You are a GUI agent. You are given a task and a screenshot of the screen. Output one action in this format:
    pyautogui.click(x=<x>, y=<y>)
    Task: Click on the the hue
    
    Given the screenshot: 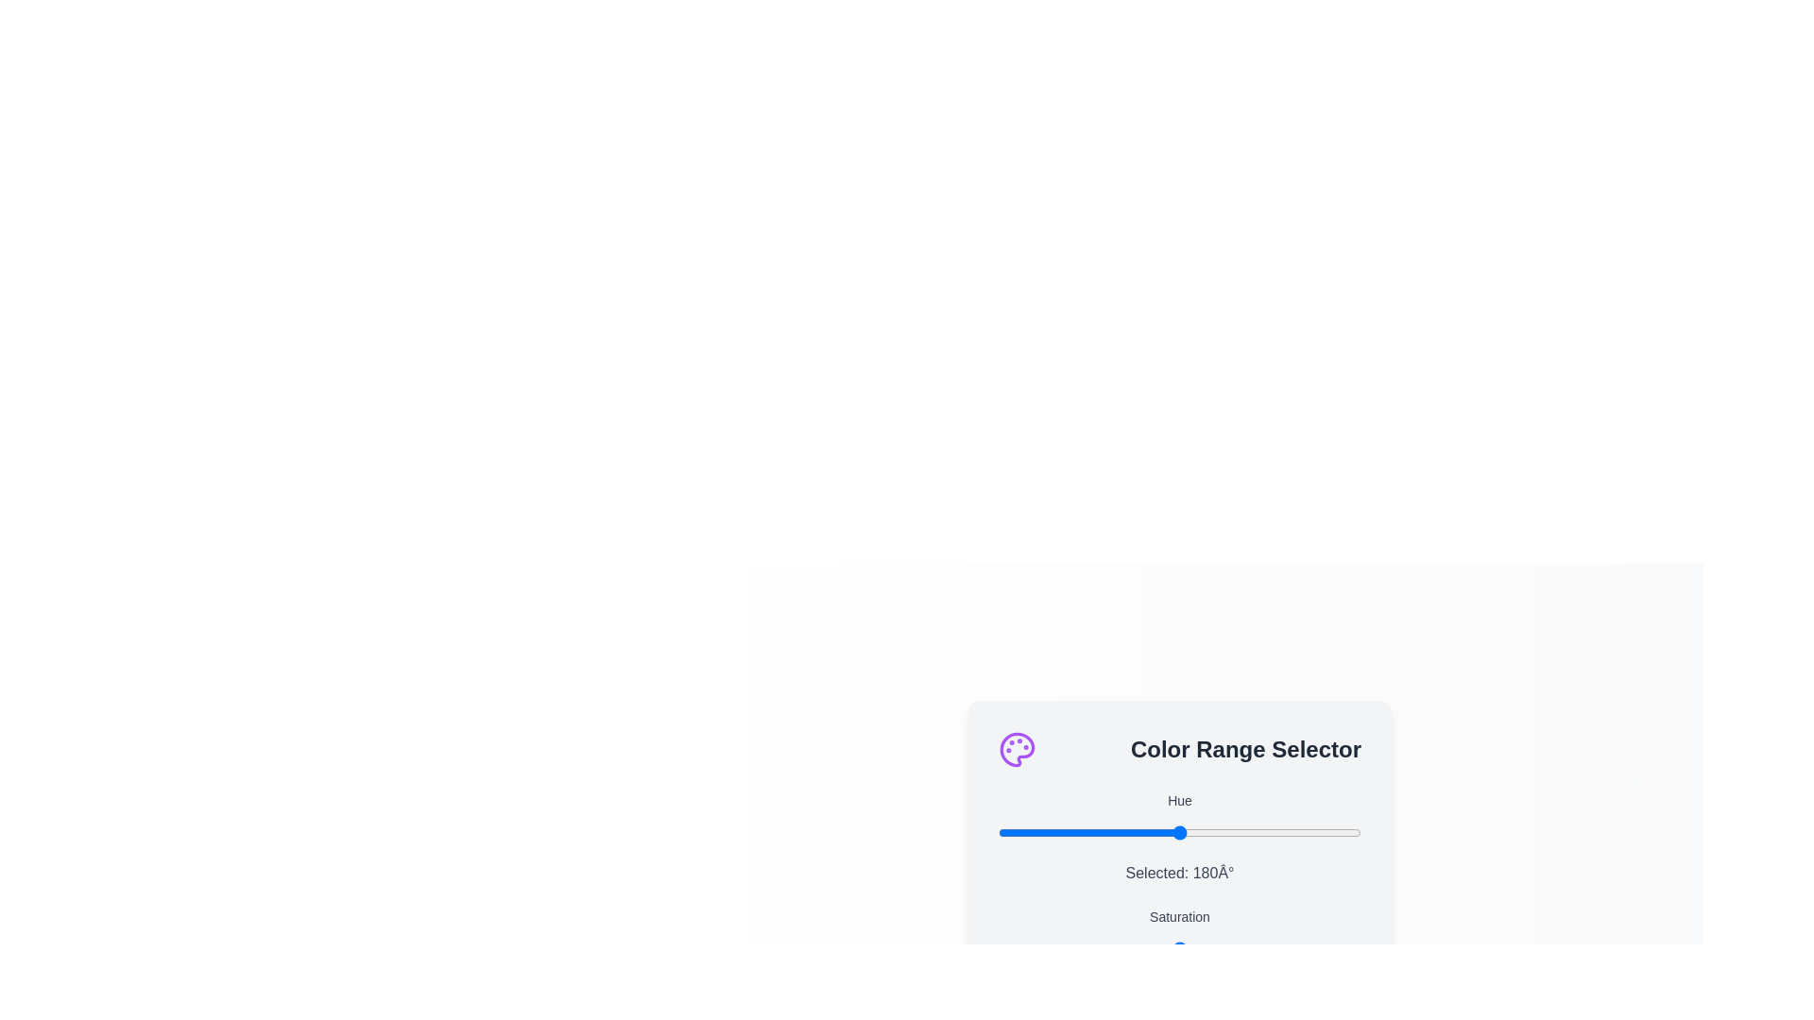 What is the action you would take?
    pyautogui.click(x=1205, y=831)
    